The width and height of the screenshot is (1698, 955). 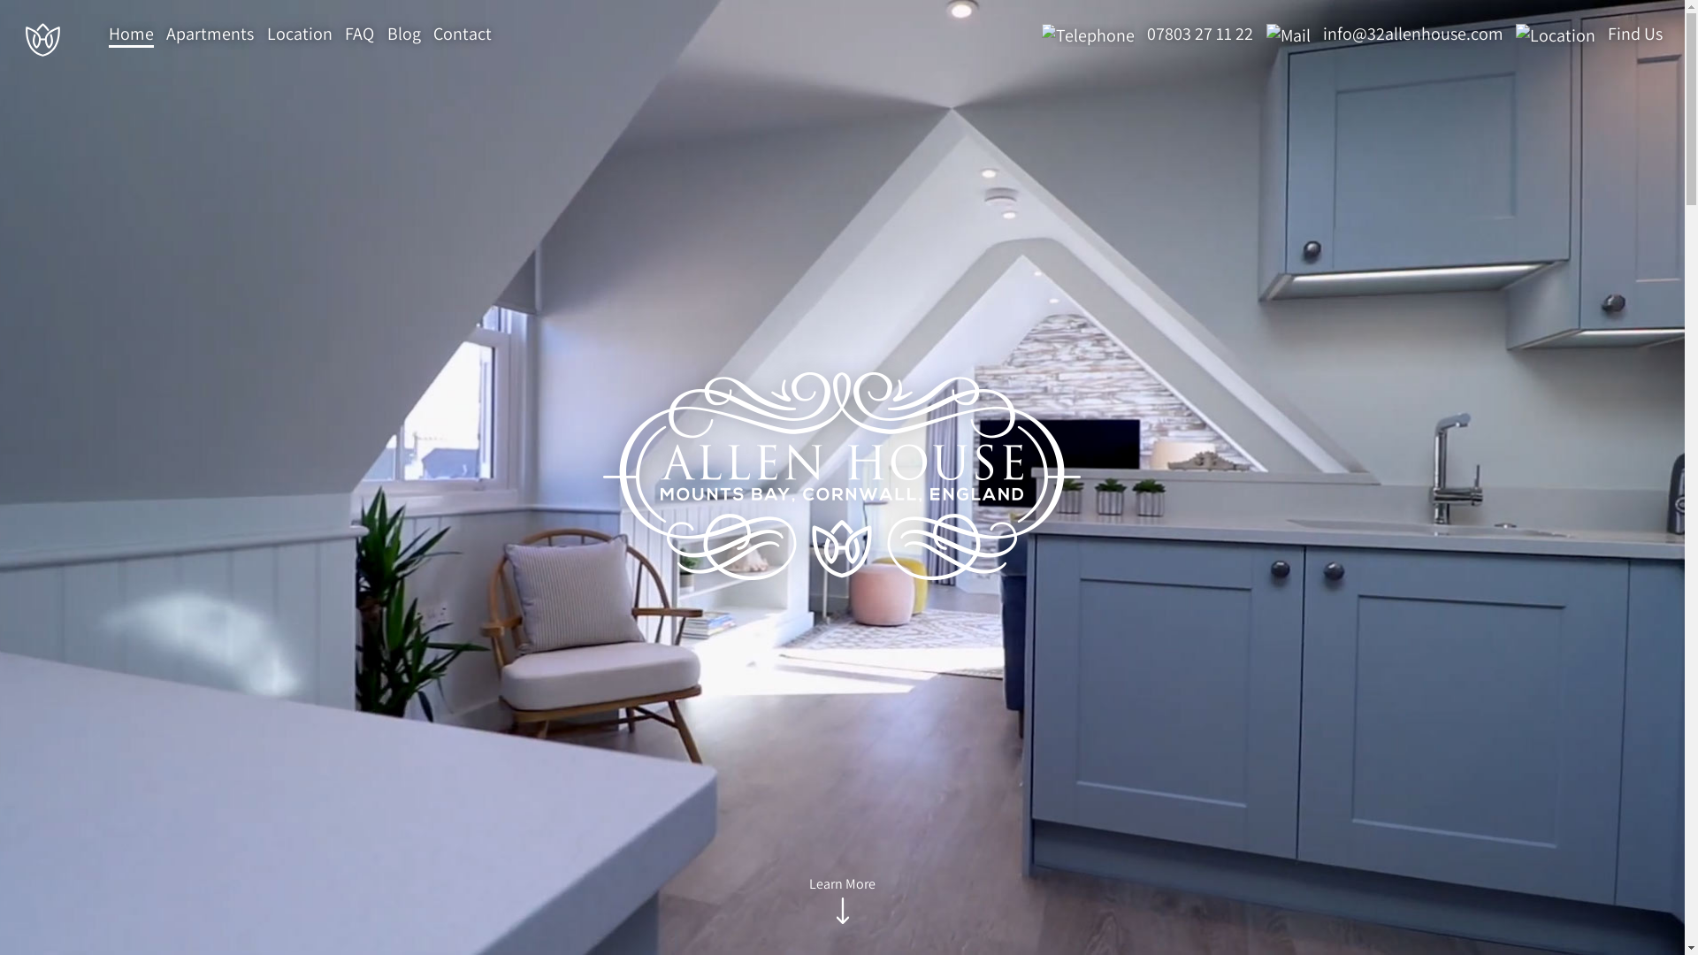 What do you see at coordinates (300, 34) in the screenshot?
I see `'Location'` at bounding box center [300, 34].